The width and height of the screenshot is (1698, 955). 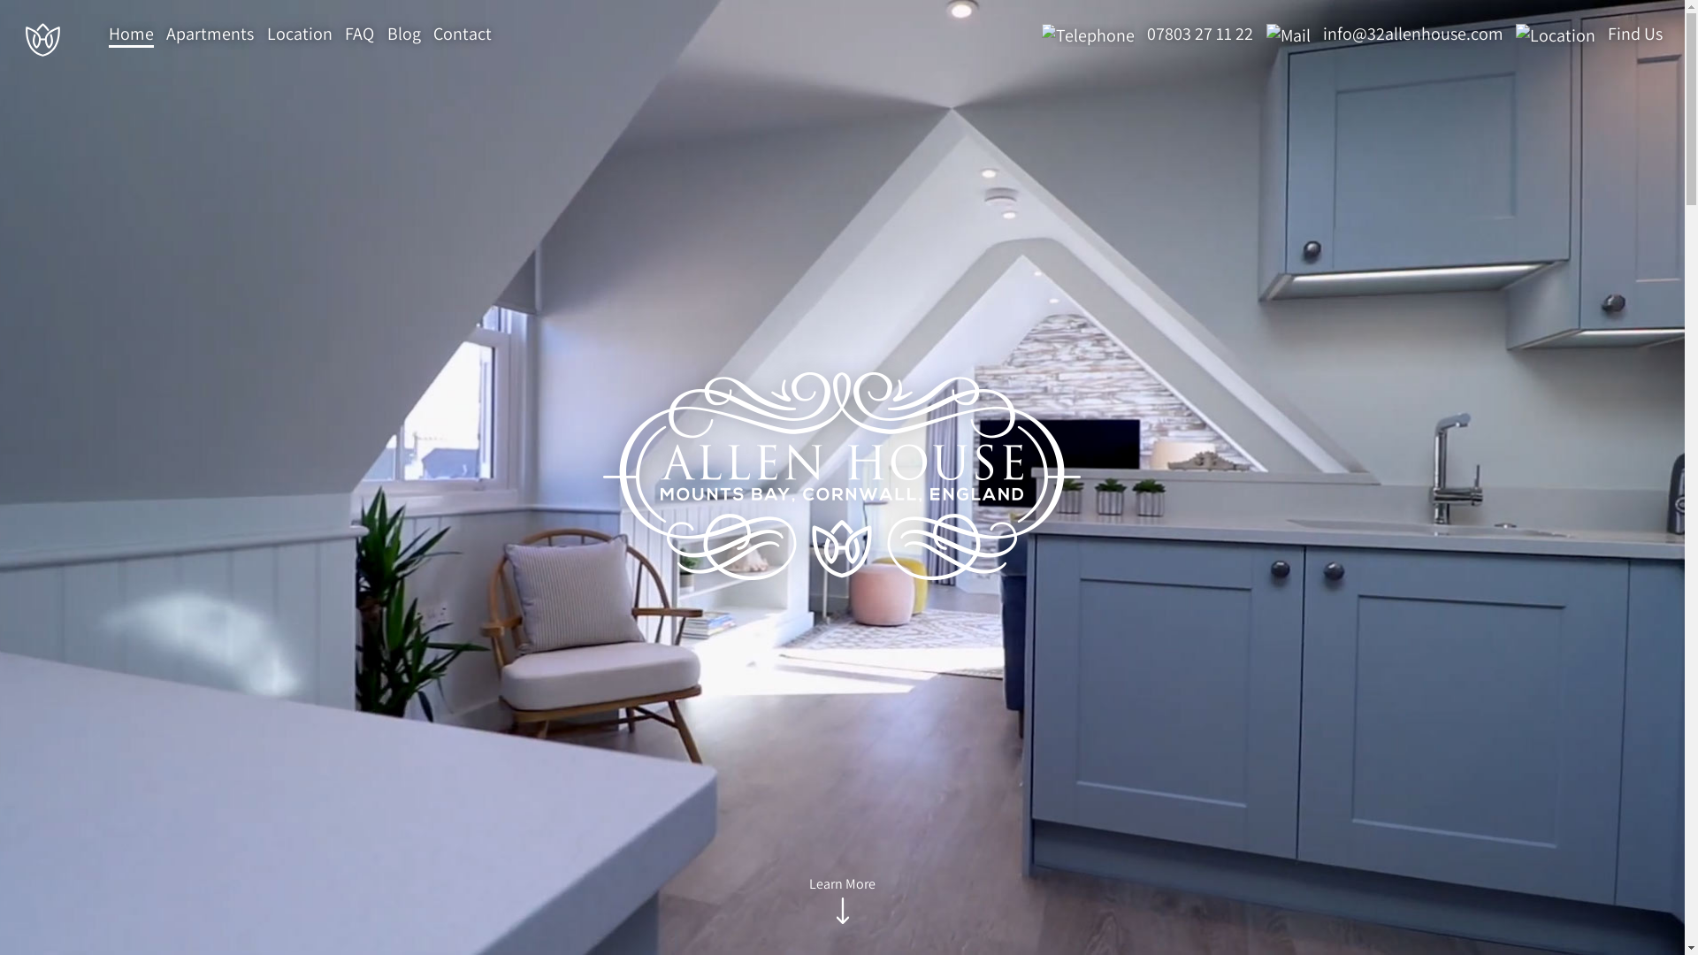 What do you see at coordinates (300, 34) in the screenshot?
I see `'Location'` at bounding box center [300, 34].